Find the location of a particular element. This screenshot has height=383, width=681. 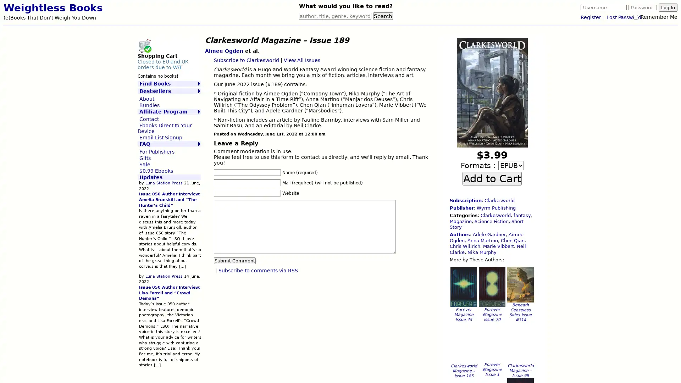

Search is located at coordinates (383, 16).